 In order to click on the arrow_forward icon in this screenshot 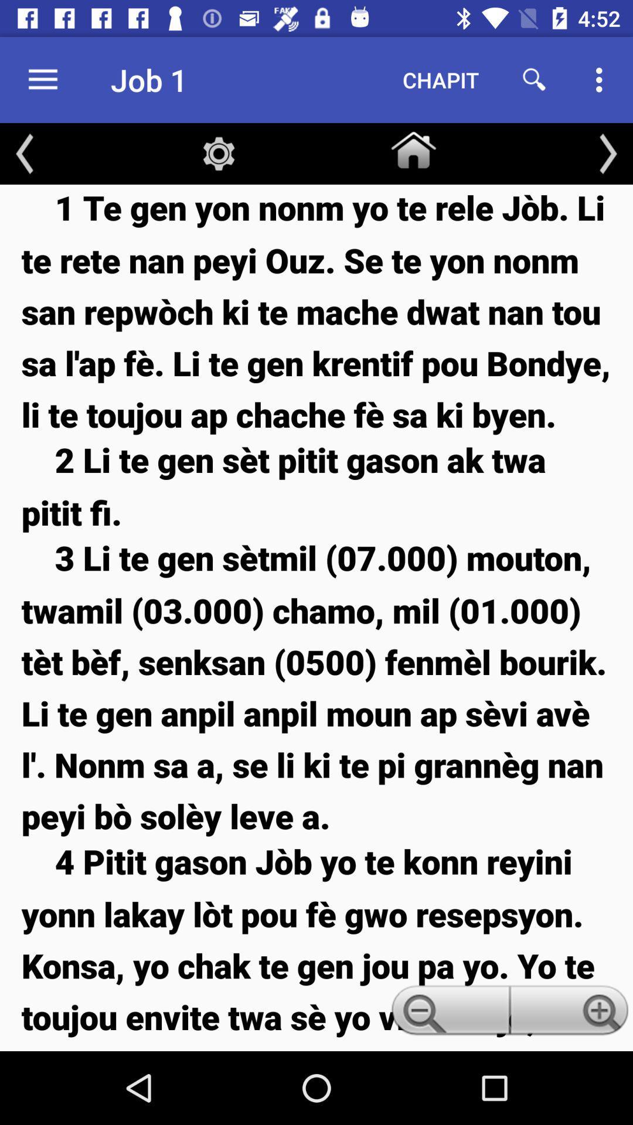, I will do `click(607, 153)`.